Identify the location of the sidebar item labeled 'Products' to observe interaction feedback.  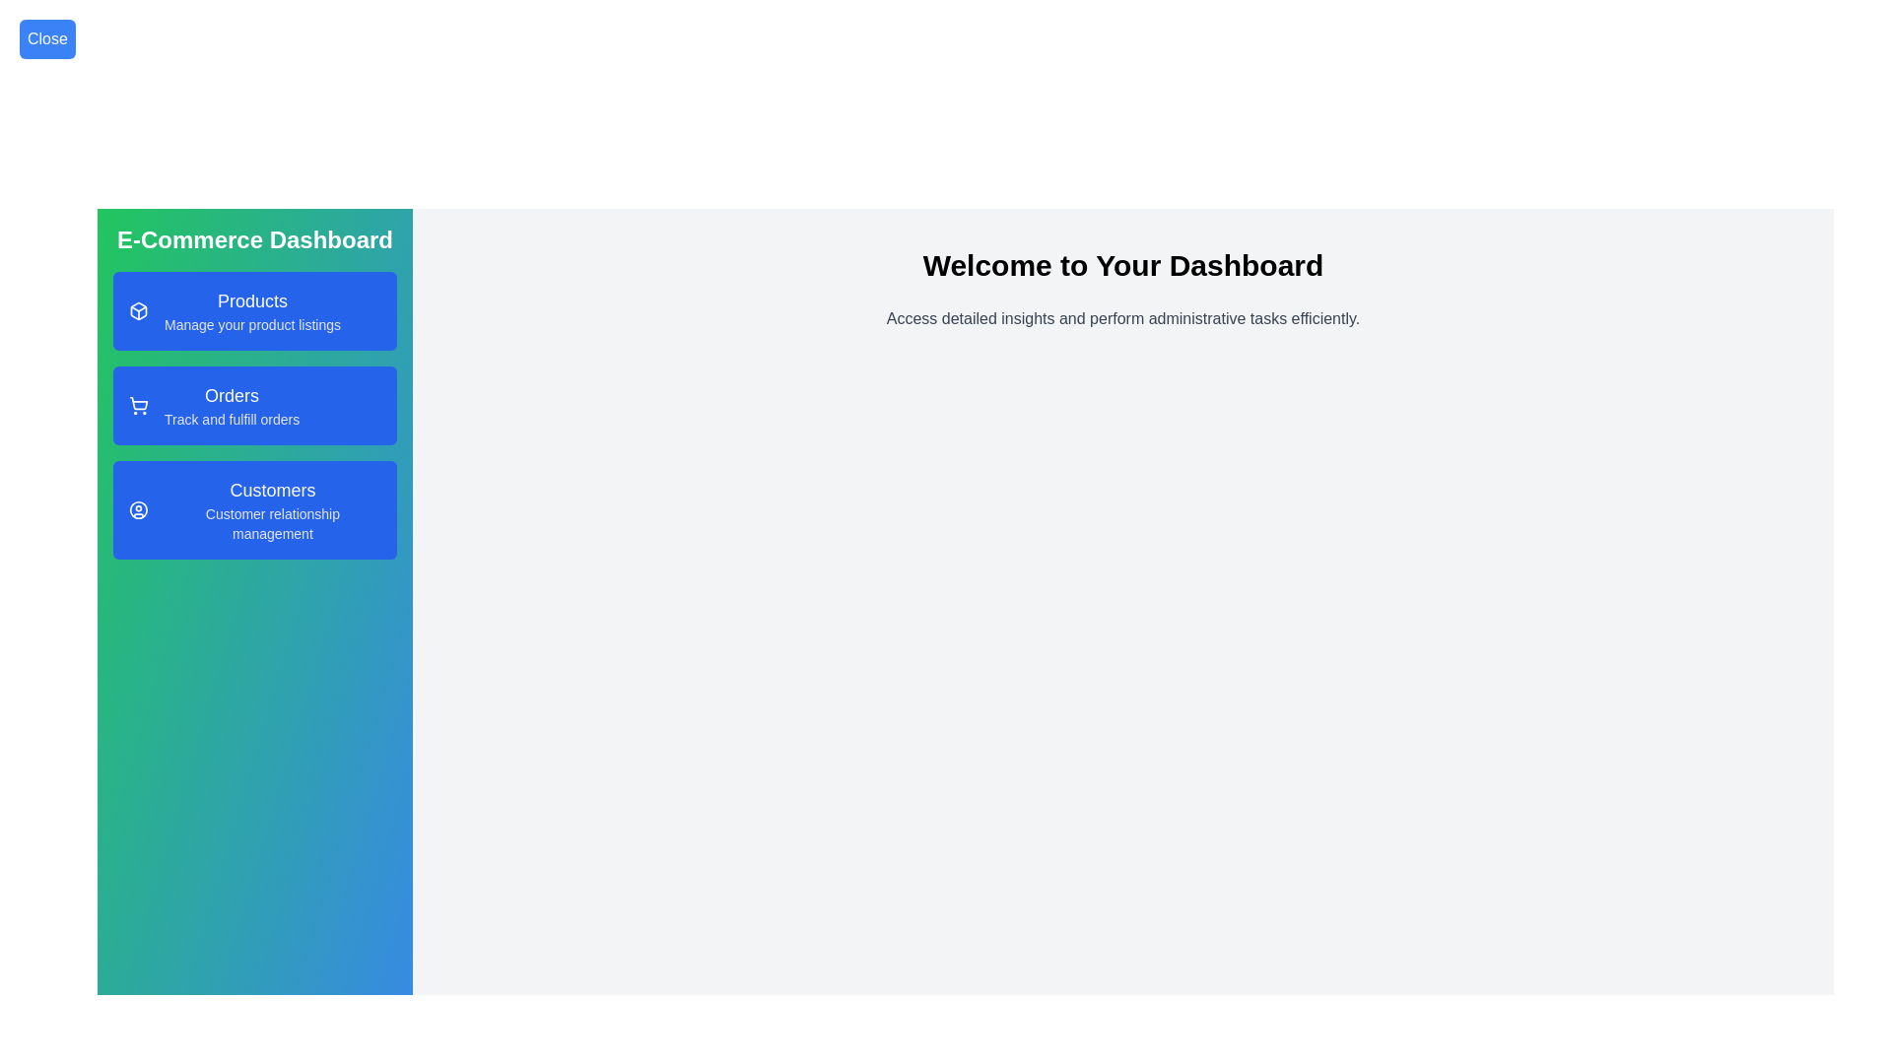
(254, 310).